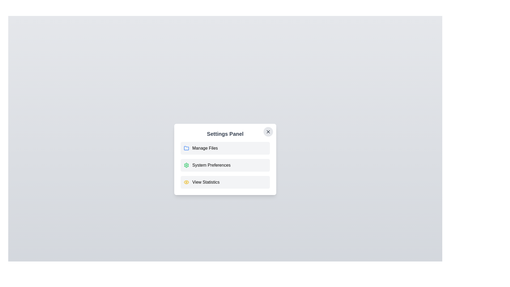 The image size is (510, 287). Describe the element at coordinates (268, 132) in the screenshot. I see `the Close Button represented by a diagonal cross icon ('X') in the top right corner of the Settings Panel` at that location.